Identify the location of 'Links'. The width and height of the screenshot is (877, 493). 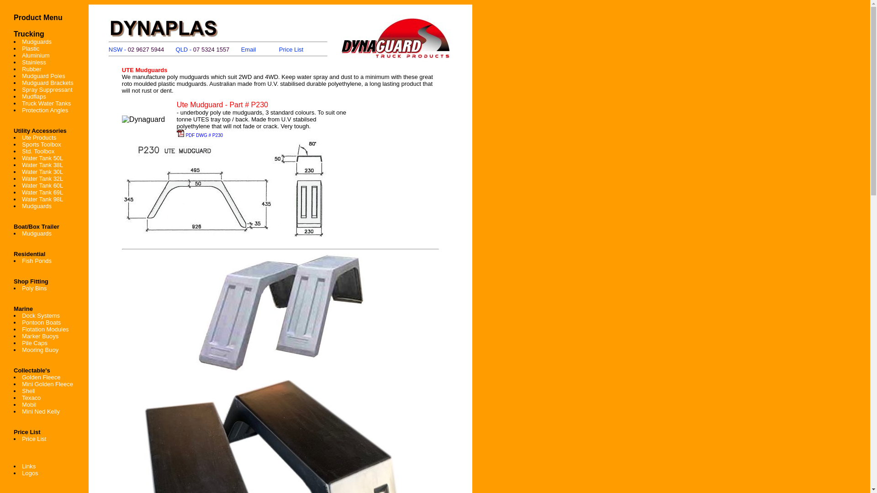
(28, 466).